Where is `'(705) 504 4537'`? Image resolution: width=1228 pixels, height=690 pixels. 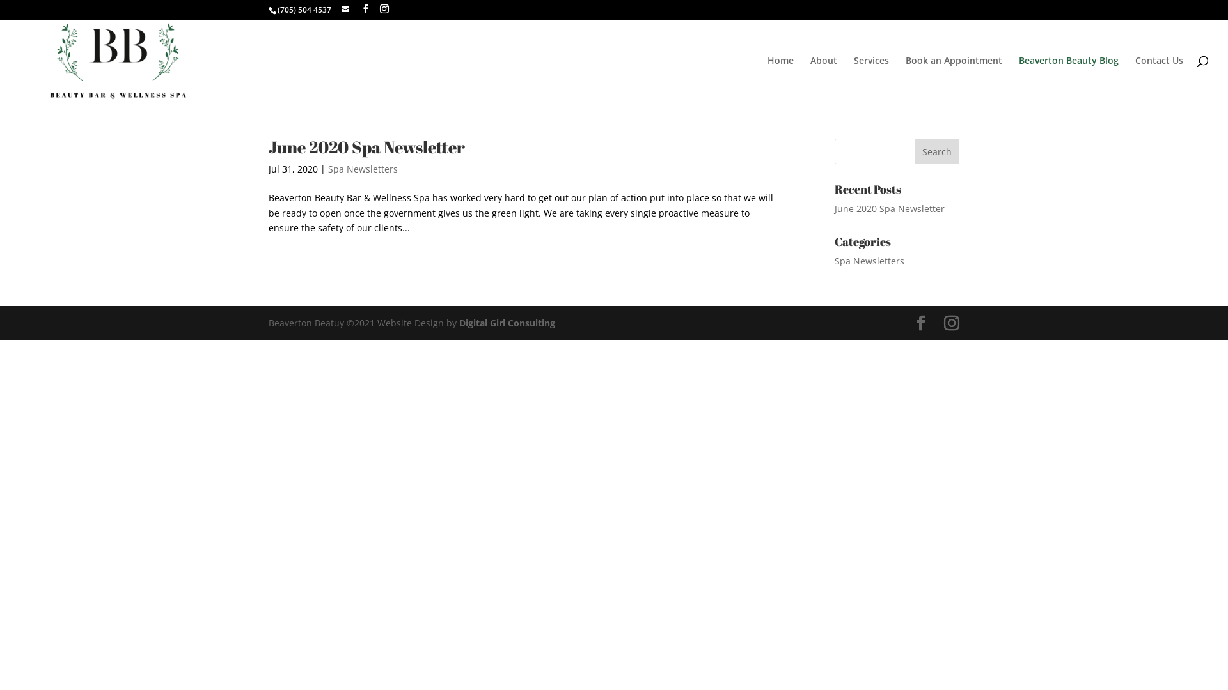 '(705) 504 4537' is located at coordinates (303, 10).